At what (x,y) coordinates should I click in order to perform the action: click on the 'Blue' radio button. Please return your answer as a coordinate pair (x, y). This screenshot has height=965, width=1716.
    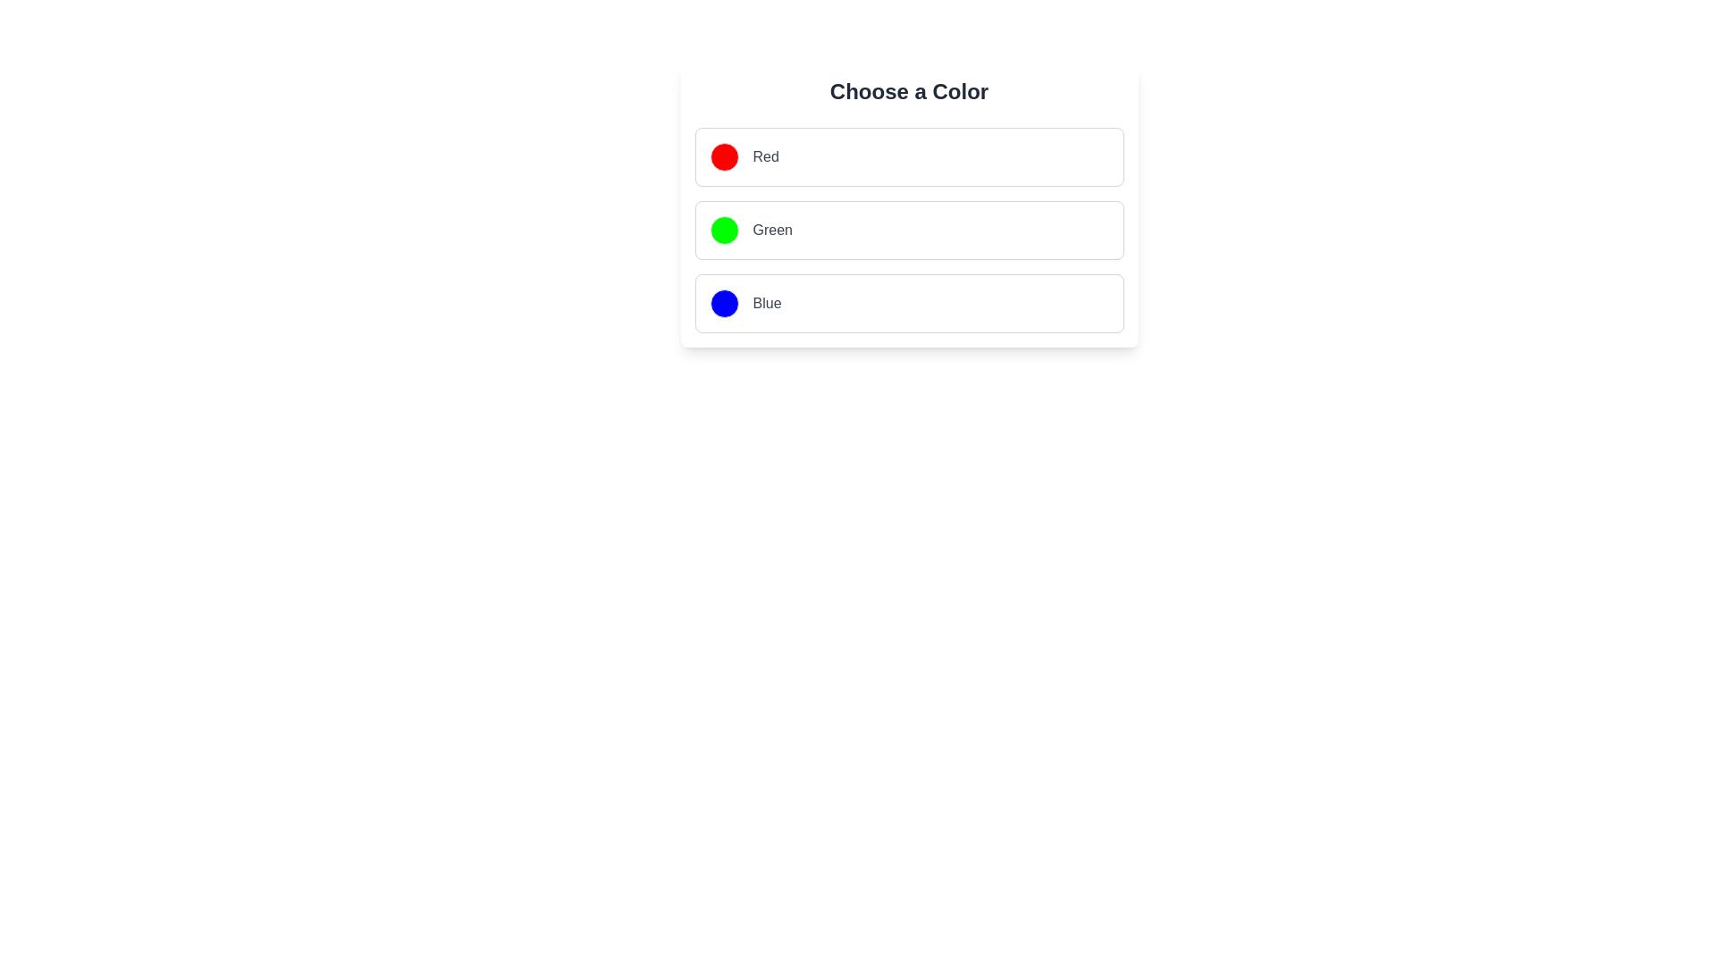
    Looking at the image, I should click on (909, 302).